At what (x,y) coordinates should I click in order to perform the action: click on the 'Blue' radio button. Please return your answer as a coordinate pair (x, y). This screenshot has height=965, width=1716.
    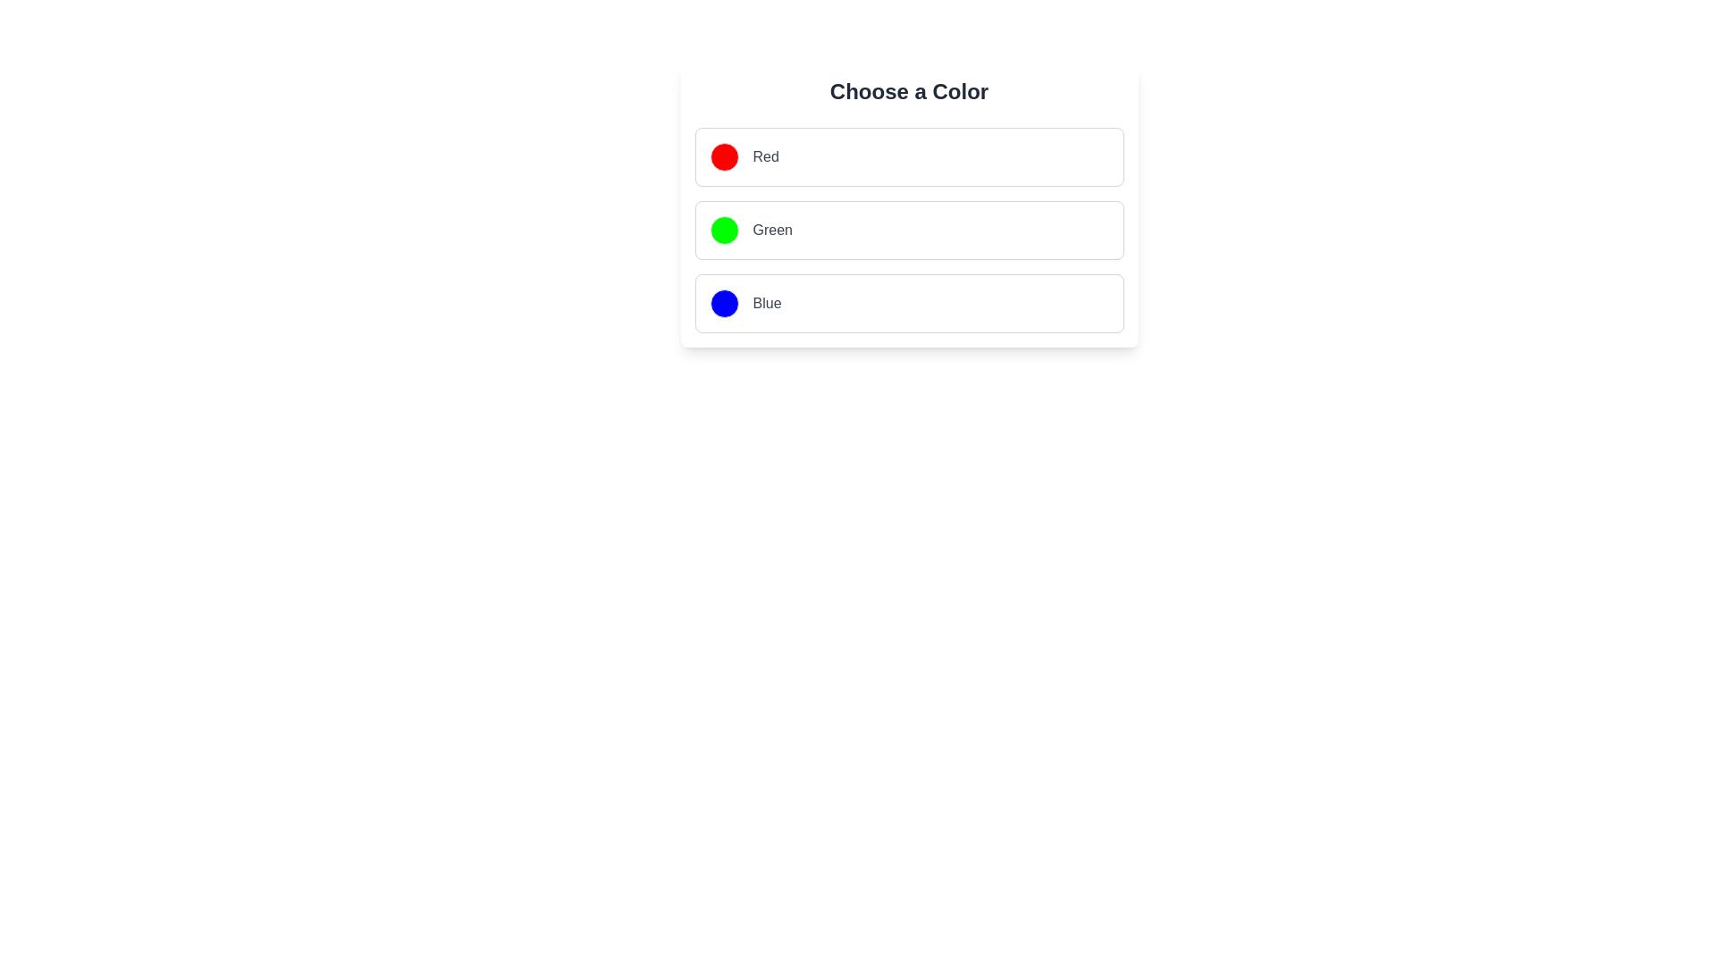
    Looking at the image, I should click on (909, 302).